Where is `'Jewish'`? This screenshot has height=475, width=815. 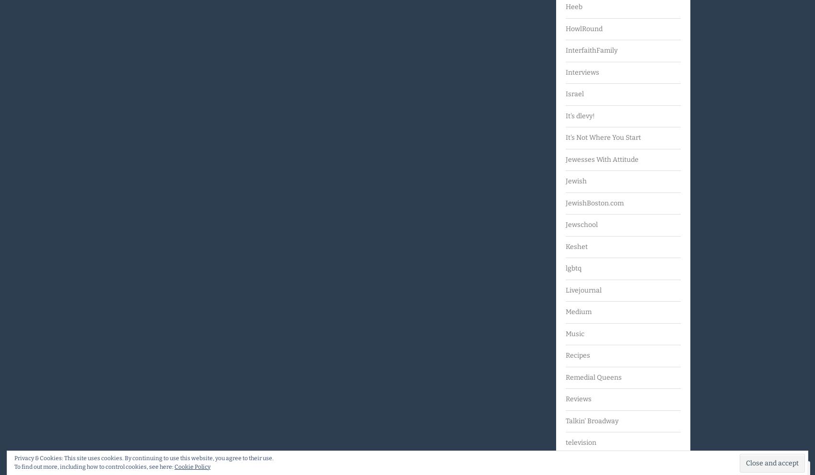
'Jewish' is located at coordinates (576, 181).